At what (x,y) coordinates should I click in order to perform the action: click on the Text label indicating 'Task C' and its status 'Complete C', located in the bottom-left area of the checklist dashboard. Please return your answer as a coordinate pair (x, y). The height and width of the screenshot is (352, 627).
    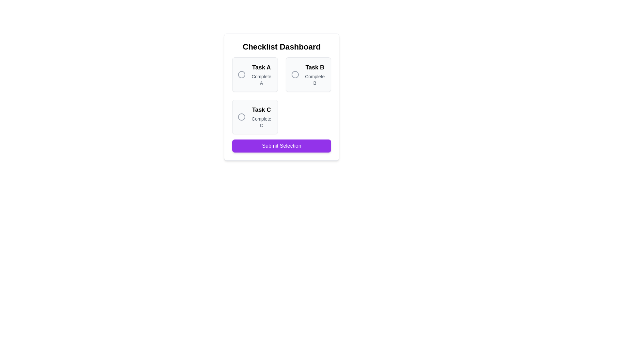
    Looking at the image, I should click on (261, 116).